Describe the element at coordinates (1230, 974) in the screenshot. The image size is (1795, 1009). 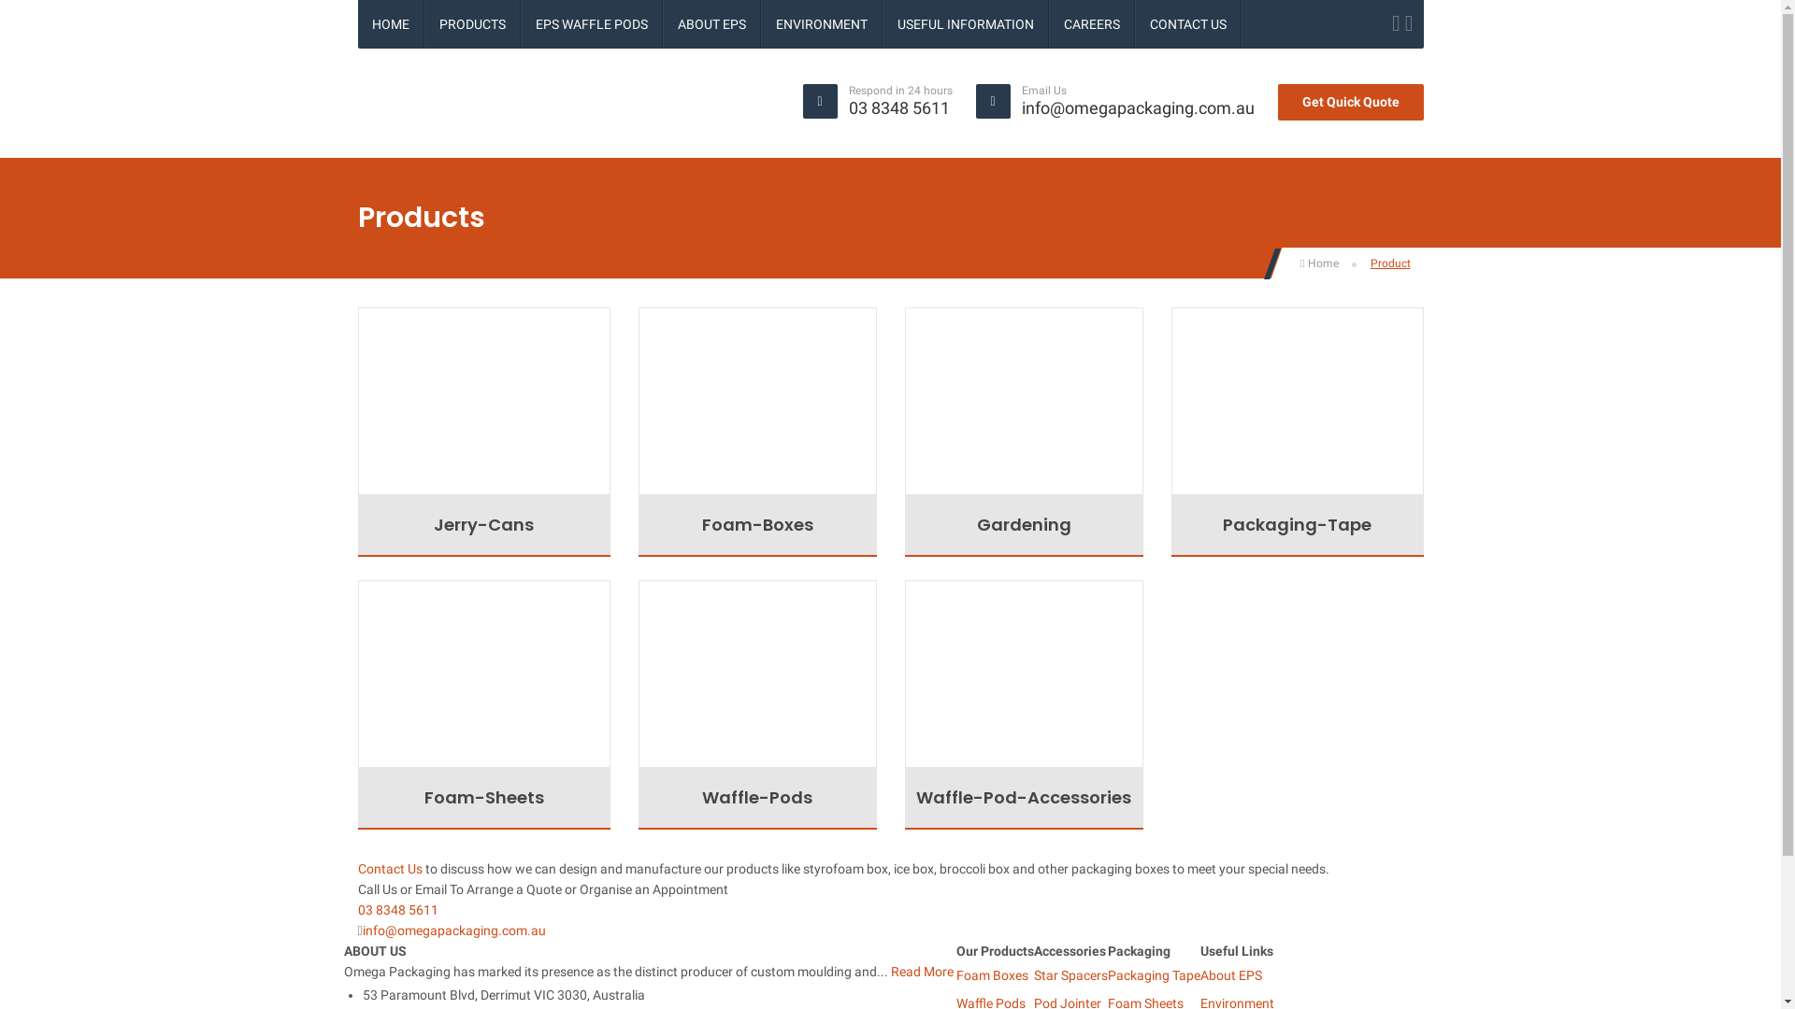
I see `'About EPS'` at that location.